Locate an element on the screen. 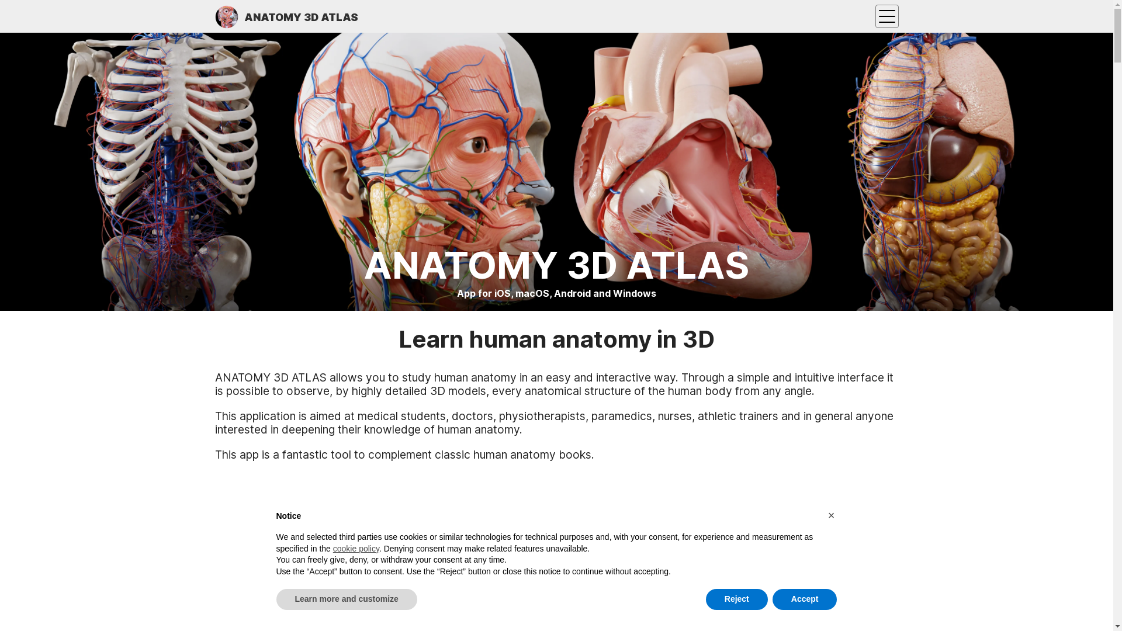  'Accept' is located at coordinates (804, 599).